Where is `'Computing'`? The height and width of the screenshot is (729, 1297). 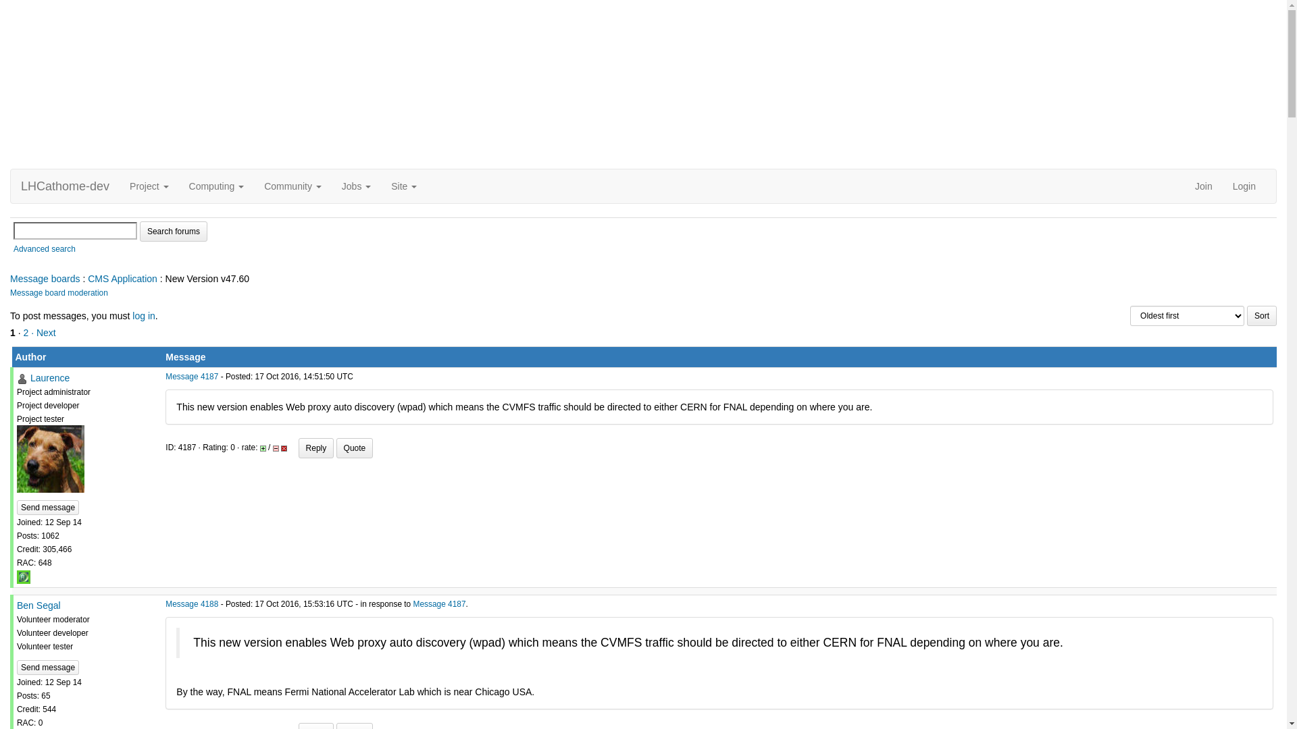 'Computing' is located at coordinates (178, 186).